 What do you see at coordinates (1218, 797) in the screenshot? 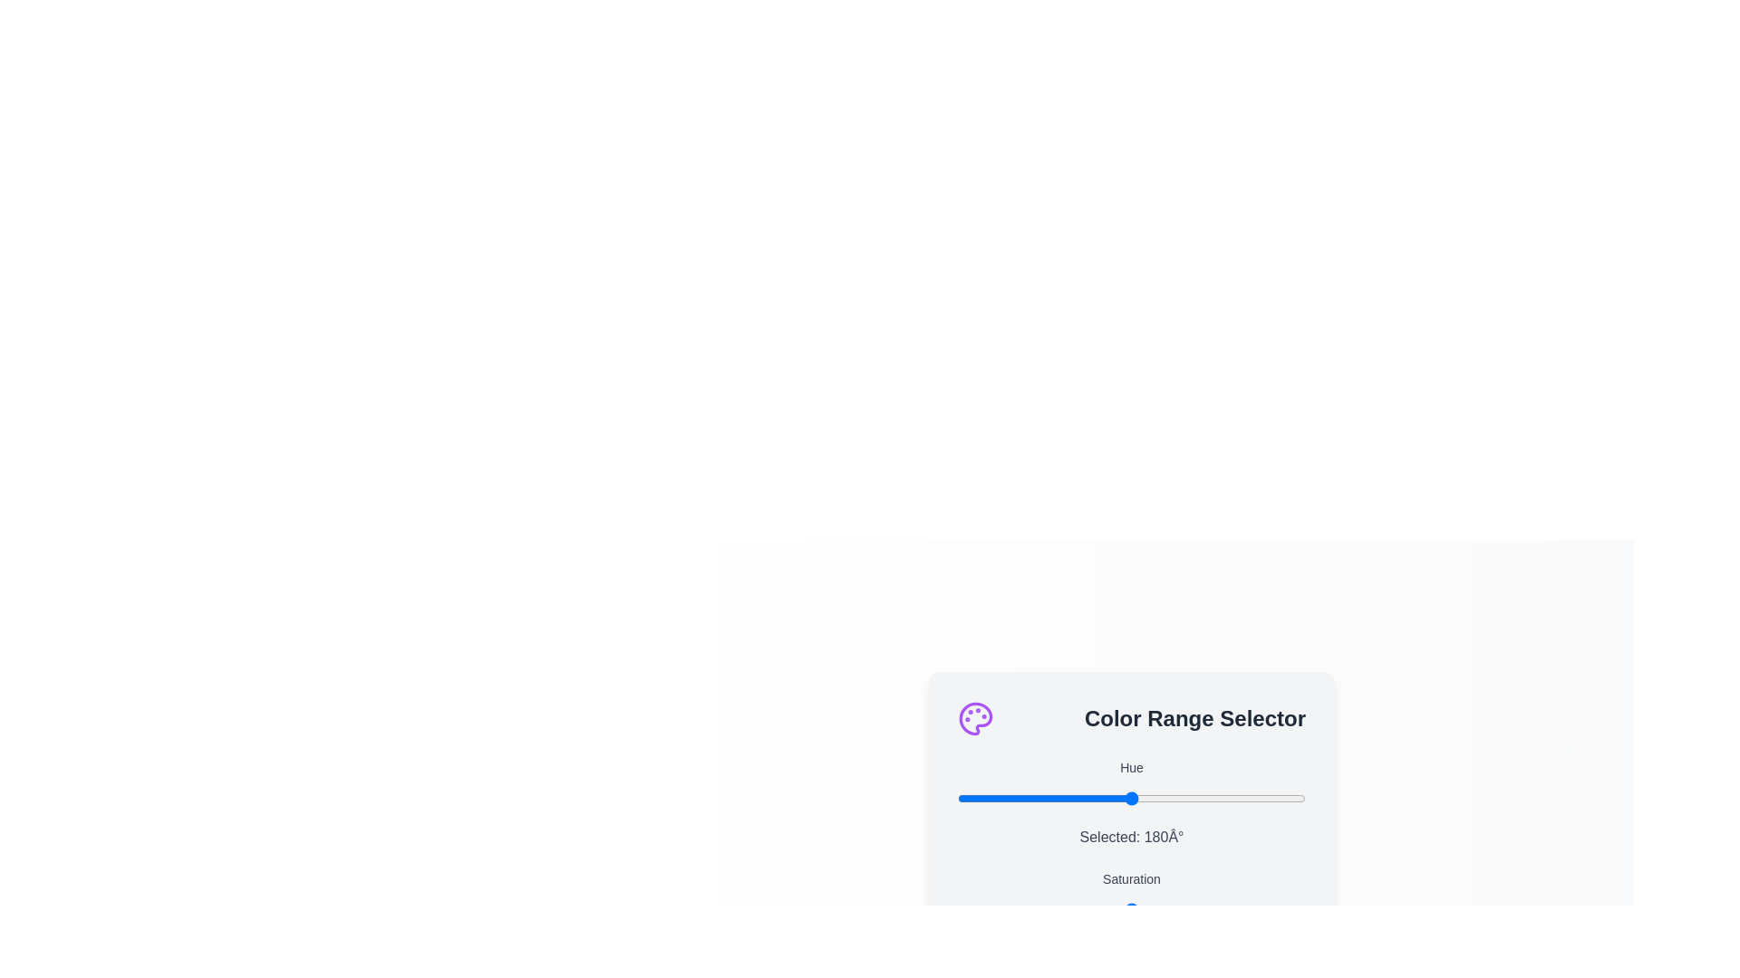
I see `the hue value on the slider` at bounding box center [1218, 797].